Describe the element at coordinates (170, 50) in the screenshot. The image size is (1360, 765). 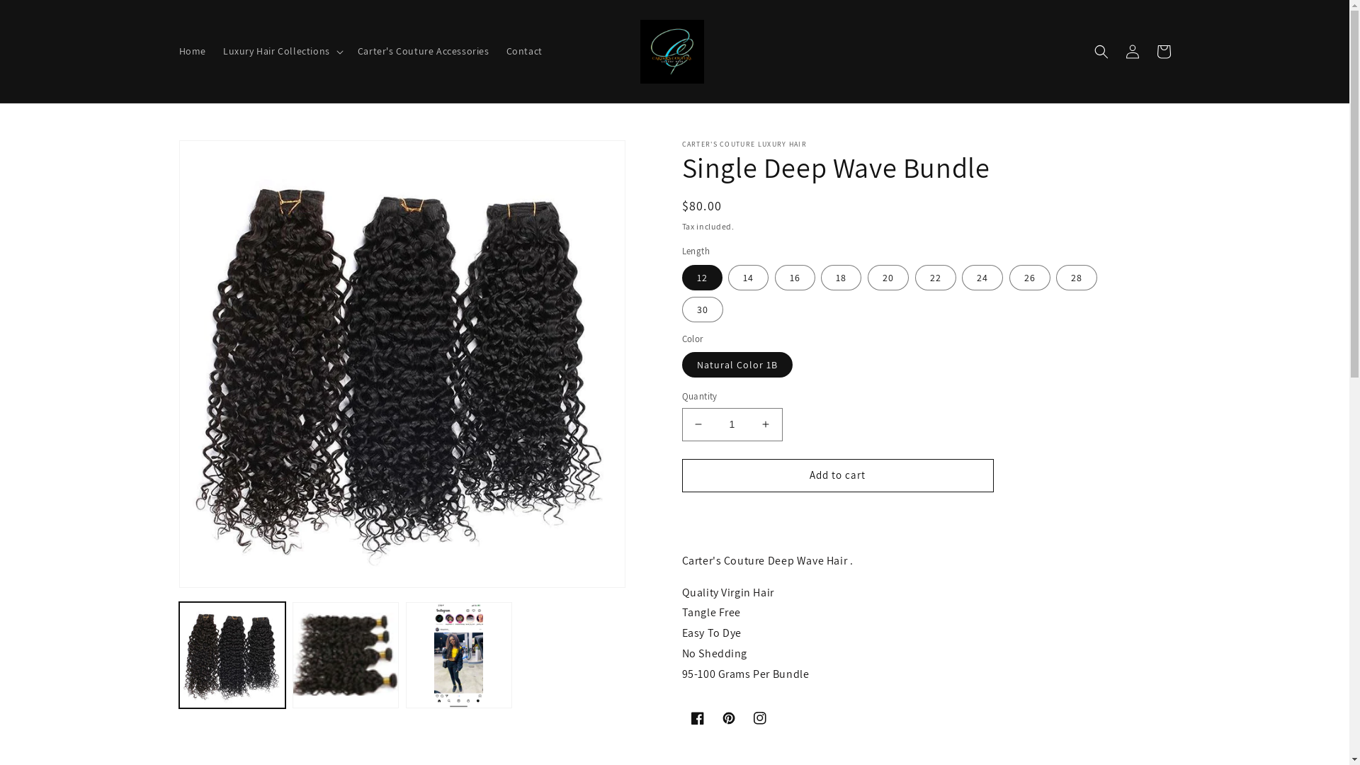
I see `'Home'` at that location.